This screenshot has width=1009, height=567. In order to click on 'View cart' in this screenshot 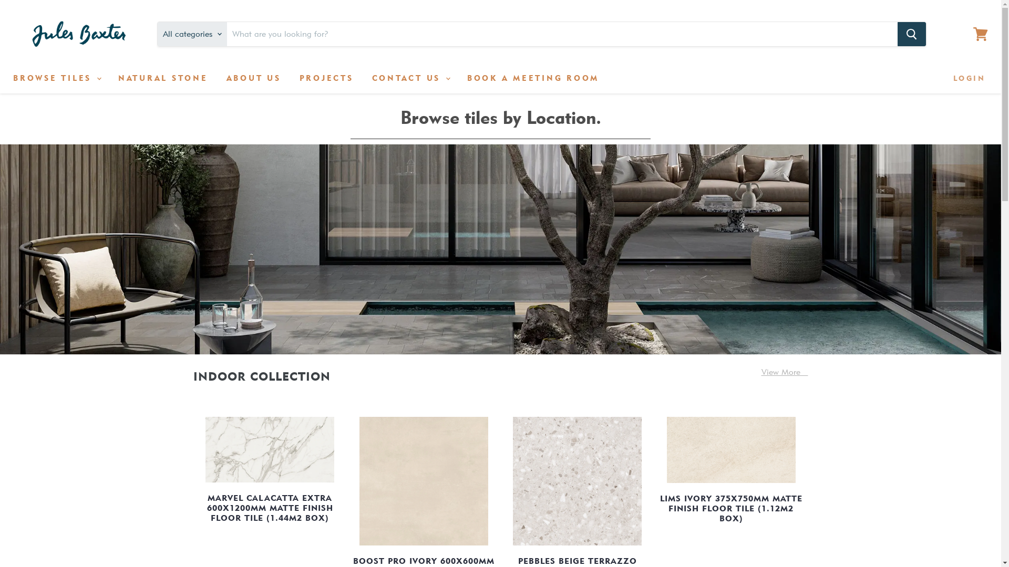, I will do `click(980, 34)`.